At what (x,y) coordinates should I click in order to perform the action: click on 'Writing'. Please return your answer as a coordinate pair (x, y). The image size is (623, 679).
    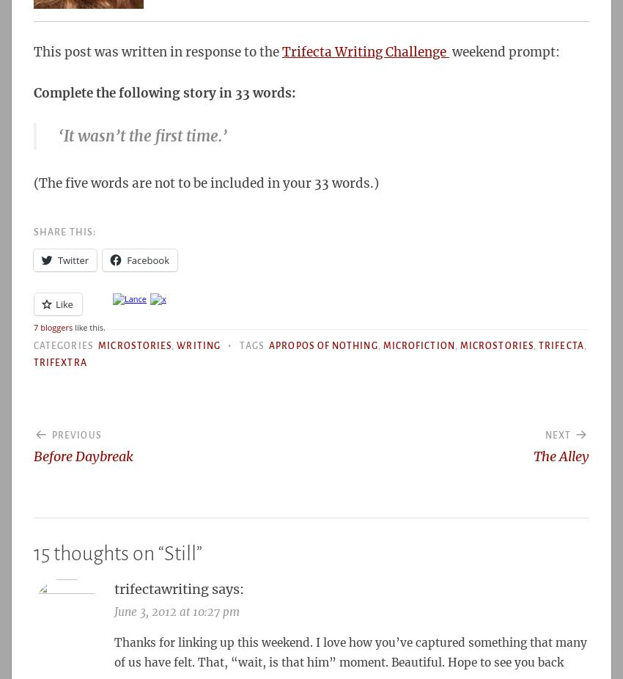
    Looking at the image, I should click on (197, 345).